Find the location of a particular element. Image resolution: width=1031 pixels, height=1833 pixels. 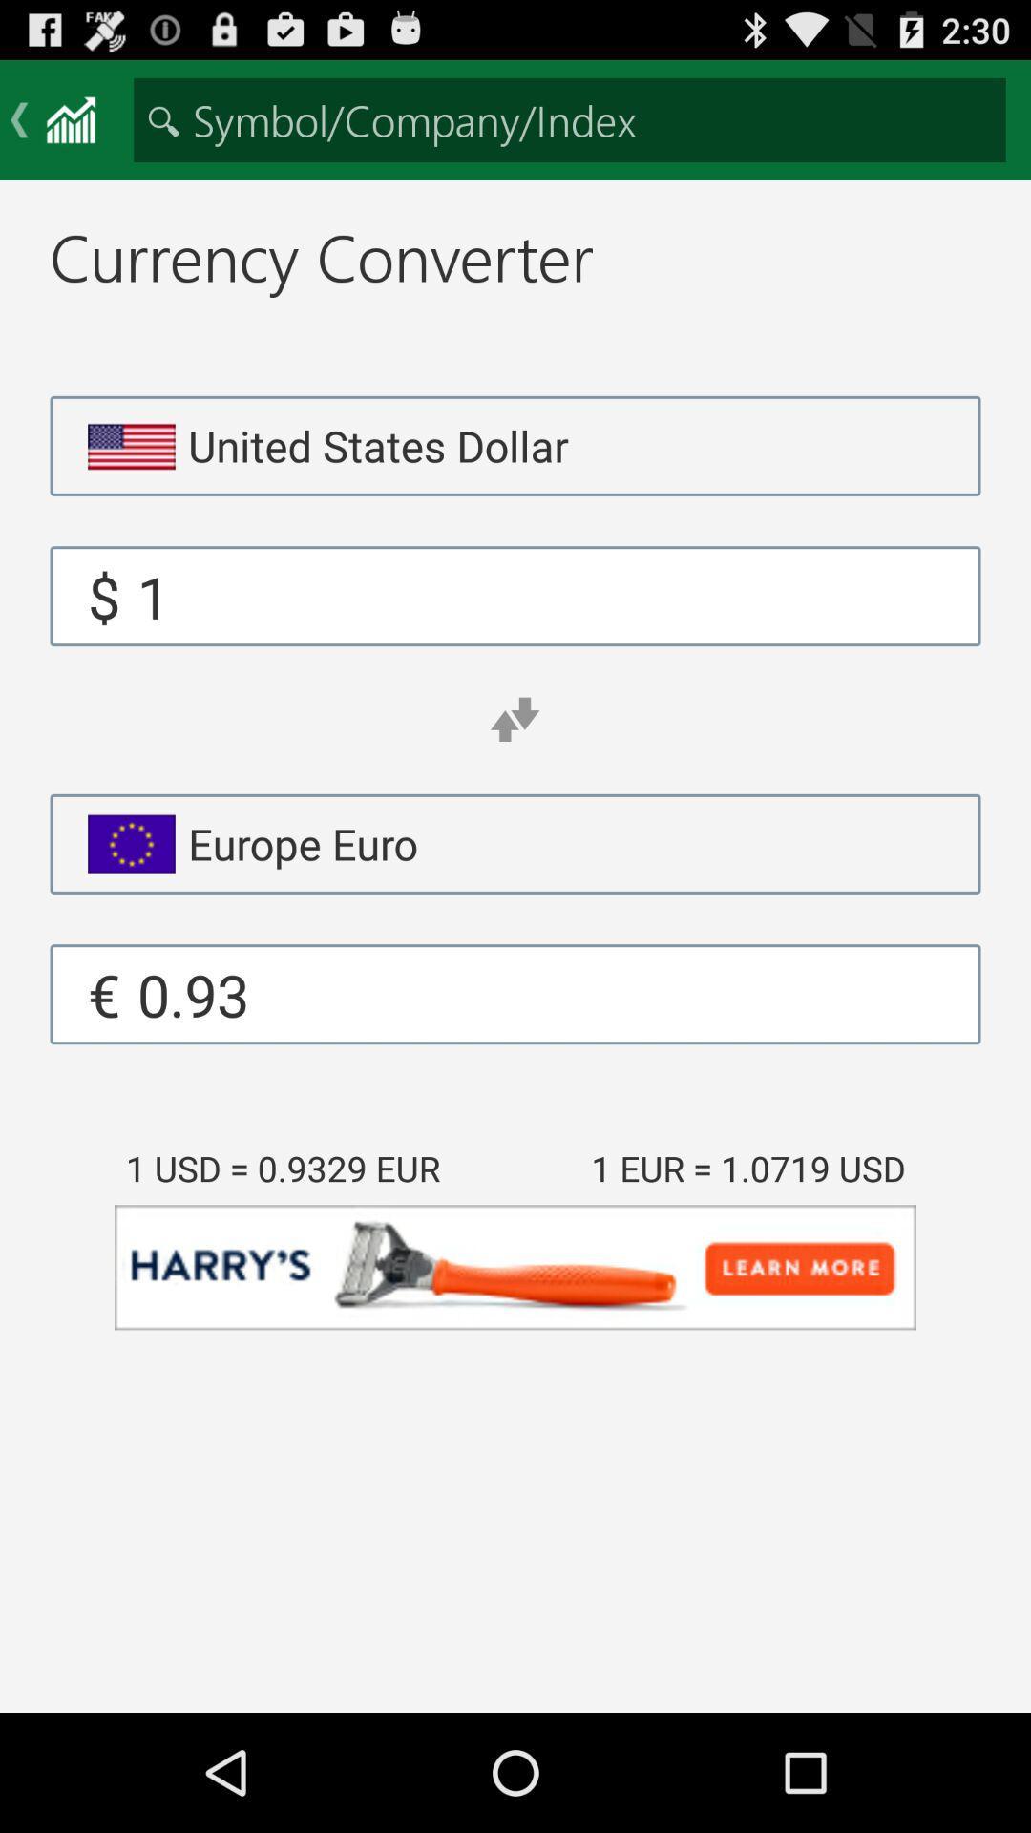

symbol/company/index is located at coordinates (569, 118).